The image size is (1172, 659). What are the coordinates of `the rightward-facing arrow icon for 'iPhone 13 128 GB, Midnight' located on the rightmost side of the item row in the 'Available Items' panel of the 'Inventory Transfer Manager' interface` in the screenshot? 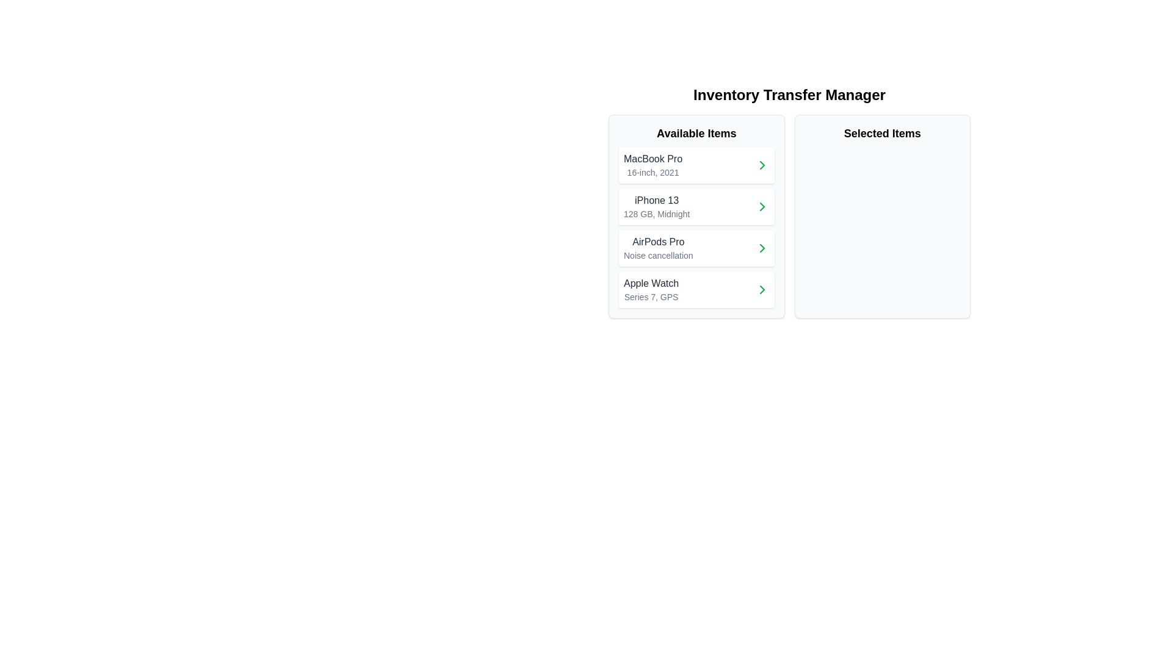 It's located at (761, 206).